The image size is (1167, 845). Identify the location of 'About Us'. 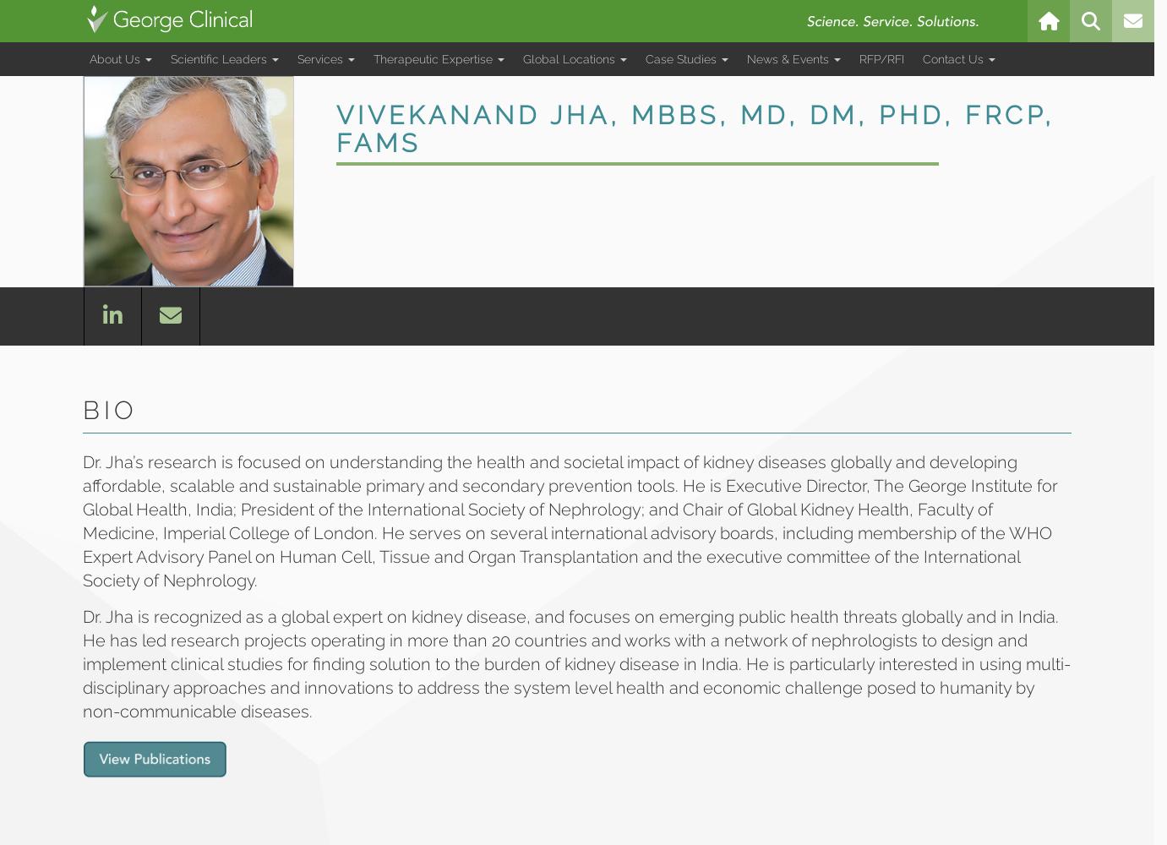
(116, 58).